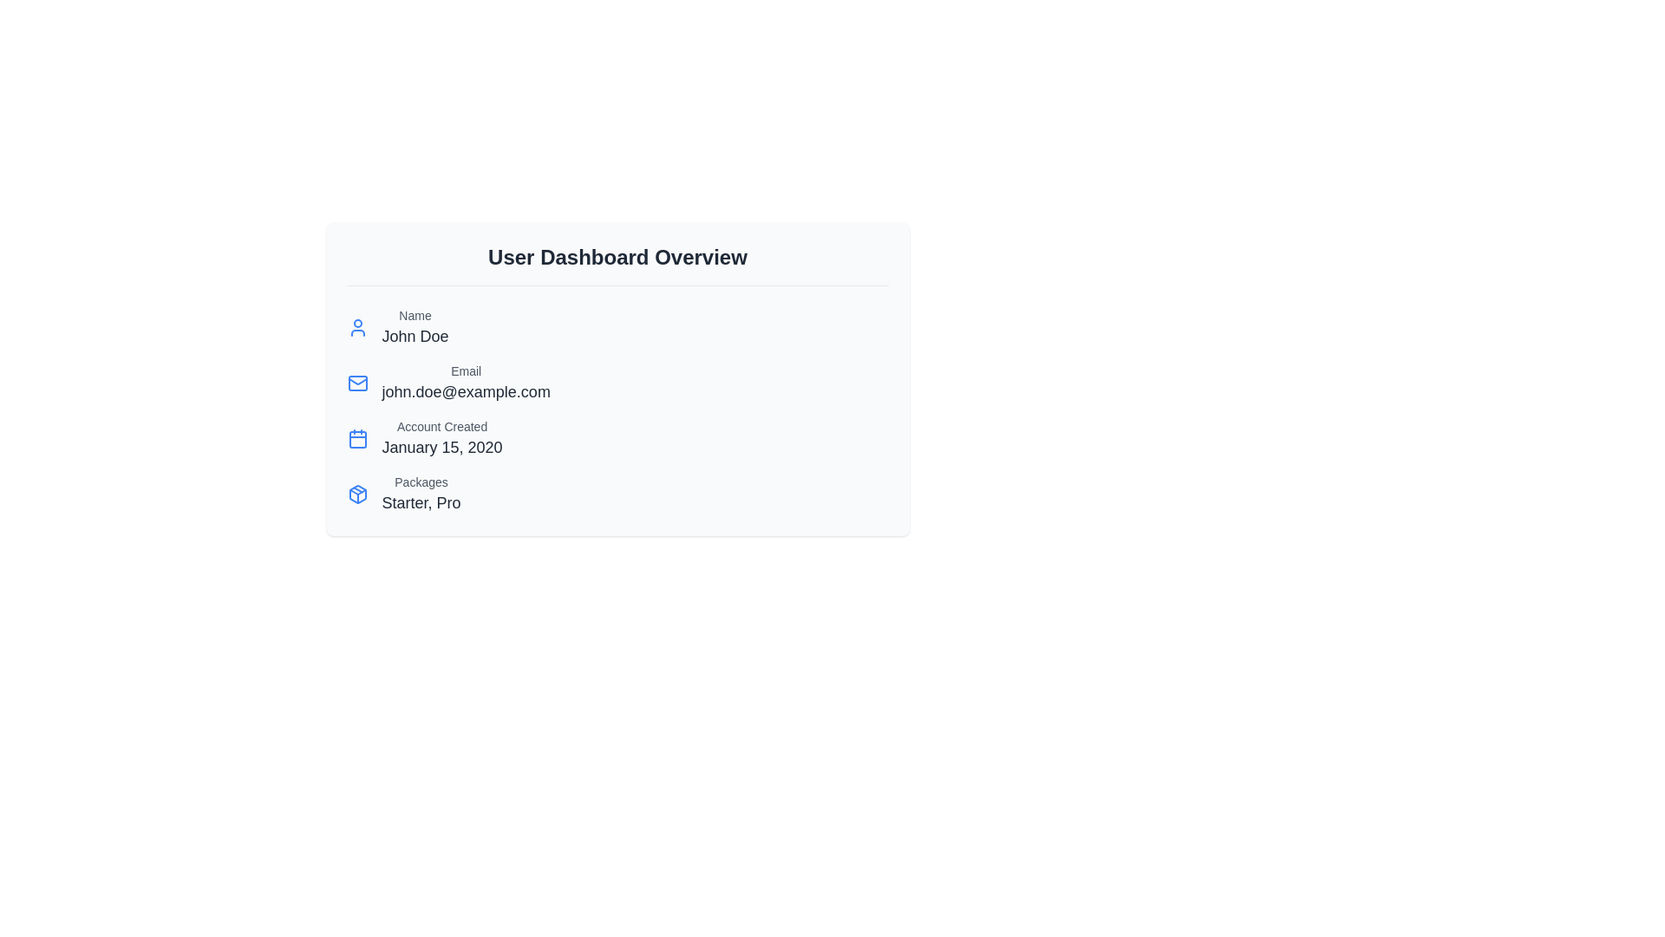 The image size is (1665, 937). Describe the element at coordinates (415, 337) in the screenshot. I see `the 'John Doe' text label` at that location.